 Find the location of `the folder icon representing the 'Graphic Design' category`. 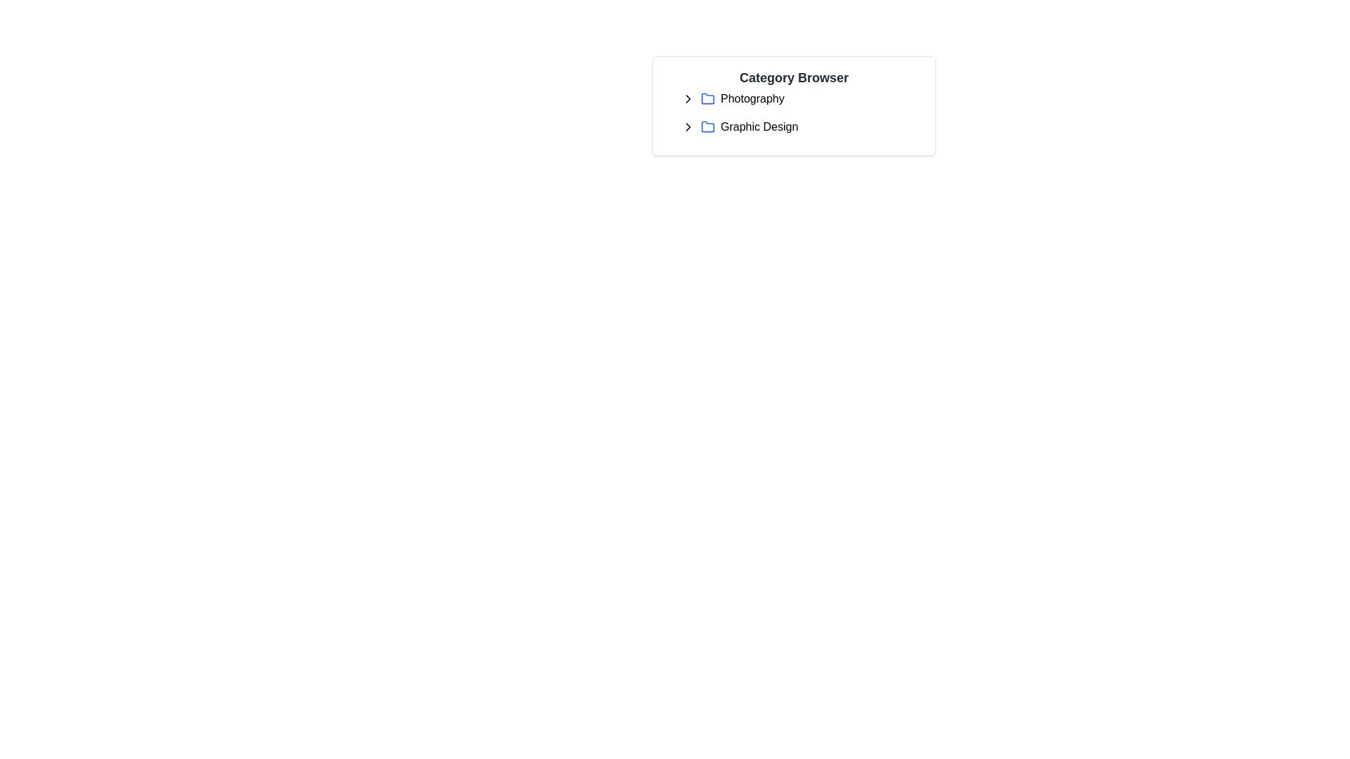

the folder icon representing the 'Graphic Design' category is located at coordinates (708, 127).